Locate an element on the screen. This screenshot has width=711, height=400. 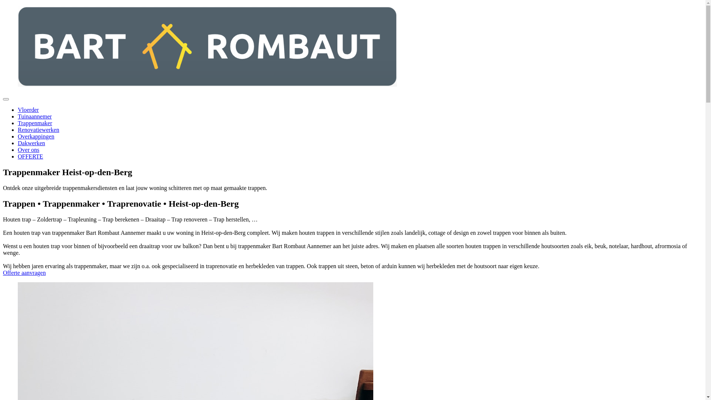
'Trappenmaker' is located at coordinates (34, 123).